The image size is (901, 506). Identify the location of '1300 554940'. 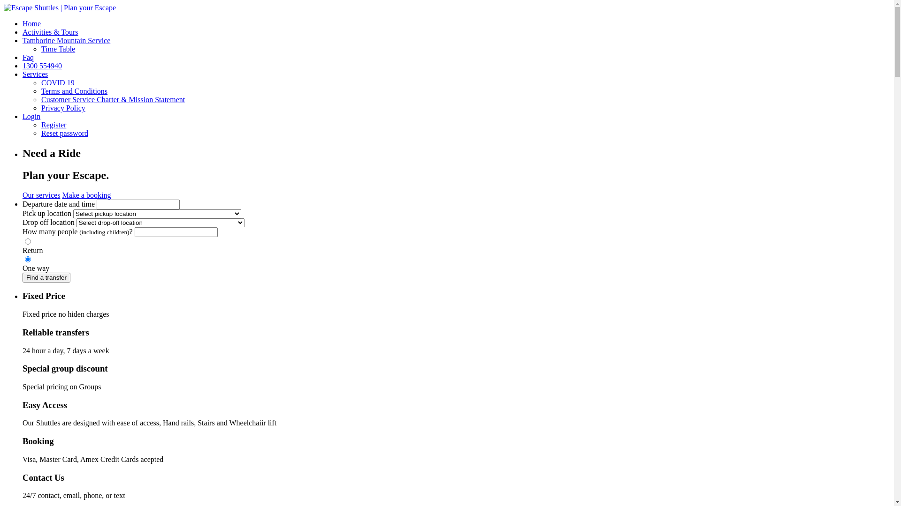
(42, 65).